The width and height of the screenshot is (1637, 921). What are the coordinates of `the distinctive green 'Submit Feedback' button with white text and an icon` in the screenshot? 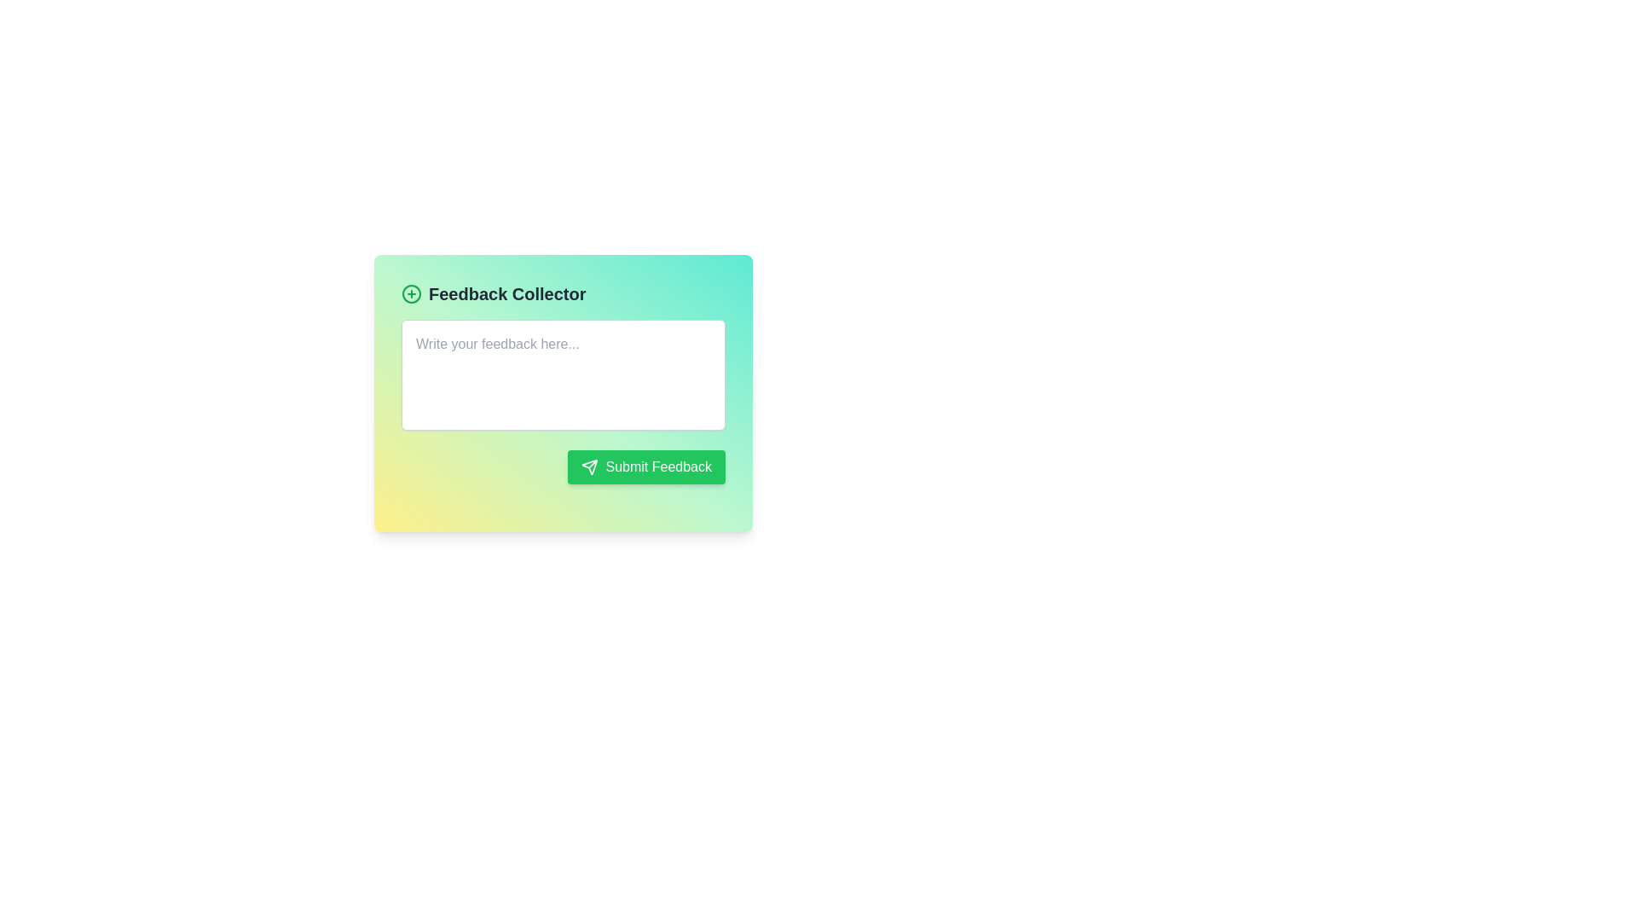 It's located at (645, 466).